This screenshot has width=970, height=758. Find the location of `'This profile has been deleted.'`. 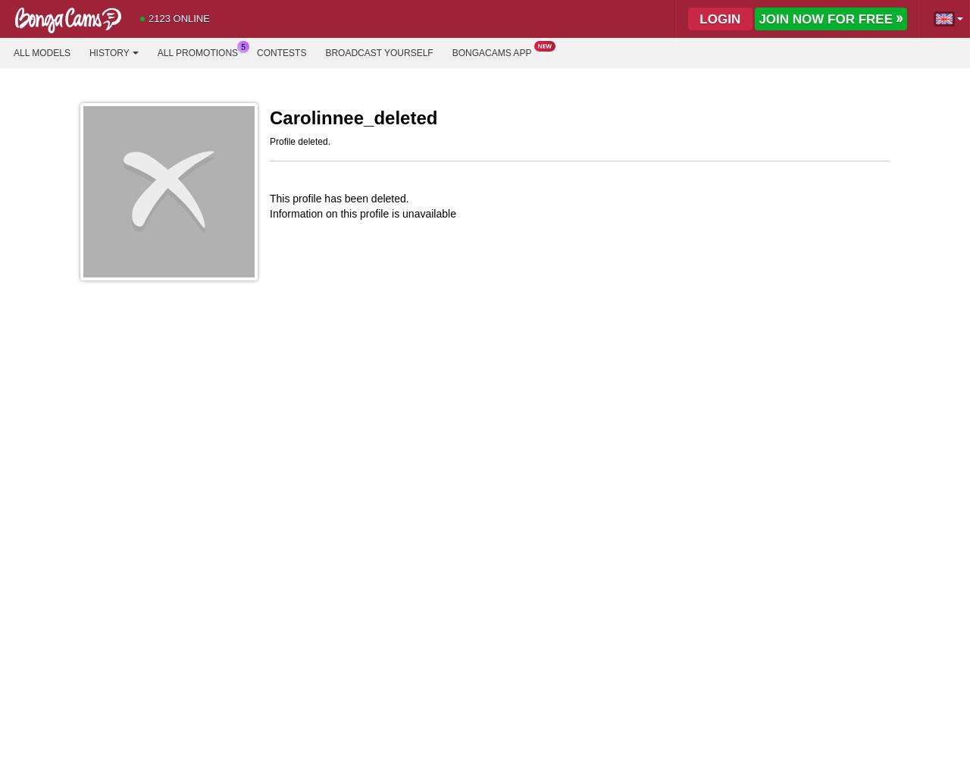

'This profile has been deleted.' is located at coordinates (269, 198).